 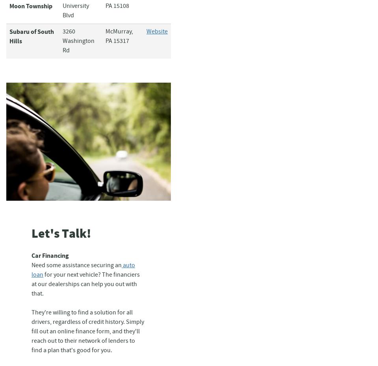 What do you see at coordinates (31, 270) in the screenshot?
I see `'auto loan'` at bounding box center [31, 270].